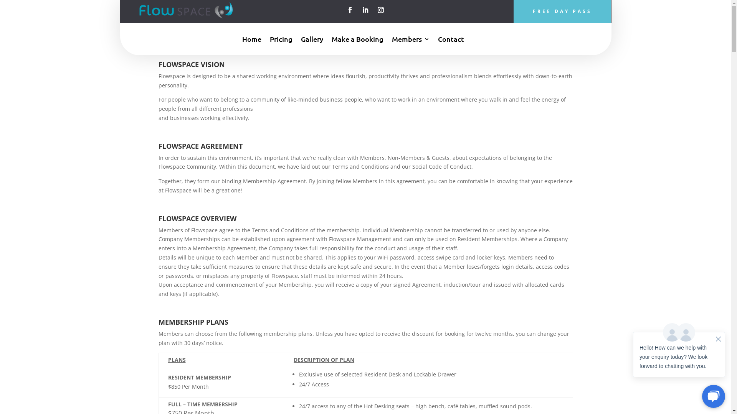 The width and height of the screenshot is (737, 414). What do you see at coordinates (410, 40) in the screenshot?
I see `'Members'` at bounding box center [410, 40].